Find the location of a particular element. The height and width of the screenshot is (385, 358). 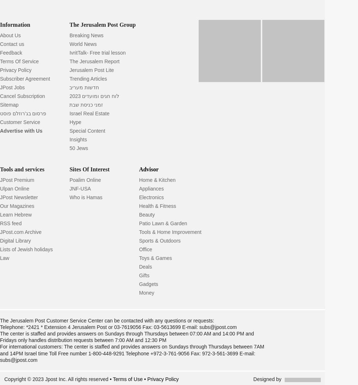

'לוח חגים ומועדים 2023' is located at coordinates (94, 96).